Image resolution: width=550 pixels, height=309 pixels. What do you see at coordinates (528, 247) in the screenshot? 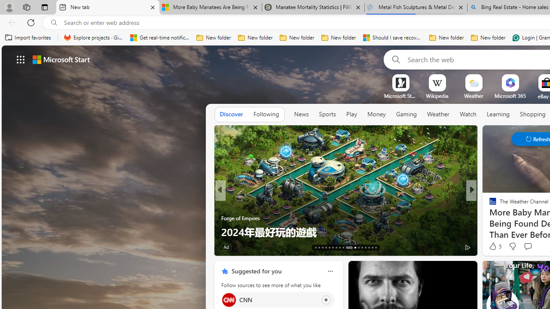
I see `'View comments 1 Comment'` at bounding box center [528, 247].